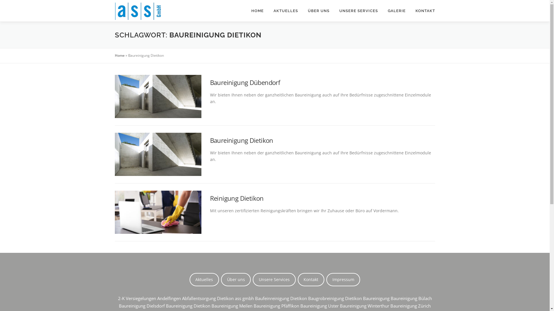 This screenshot has height=311, width=554. What do you see at coordinates (237, 198) in the screenshot?
I see `'Reinigung Dietikon'` at bounding box center [237, 198].